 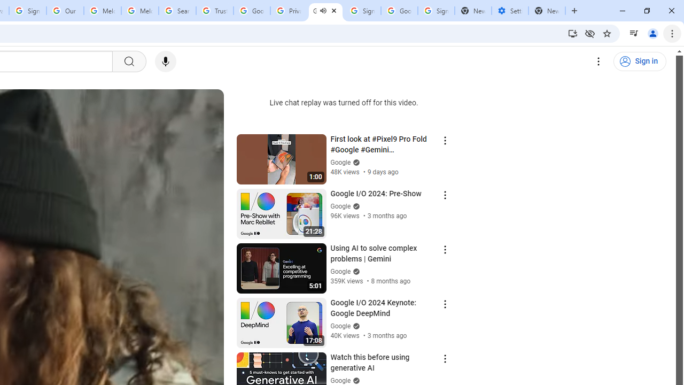 I want to click on 'Sign in - Google Accounts', so click(x=436, y=11).